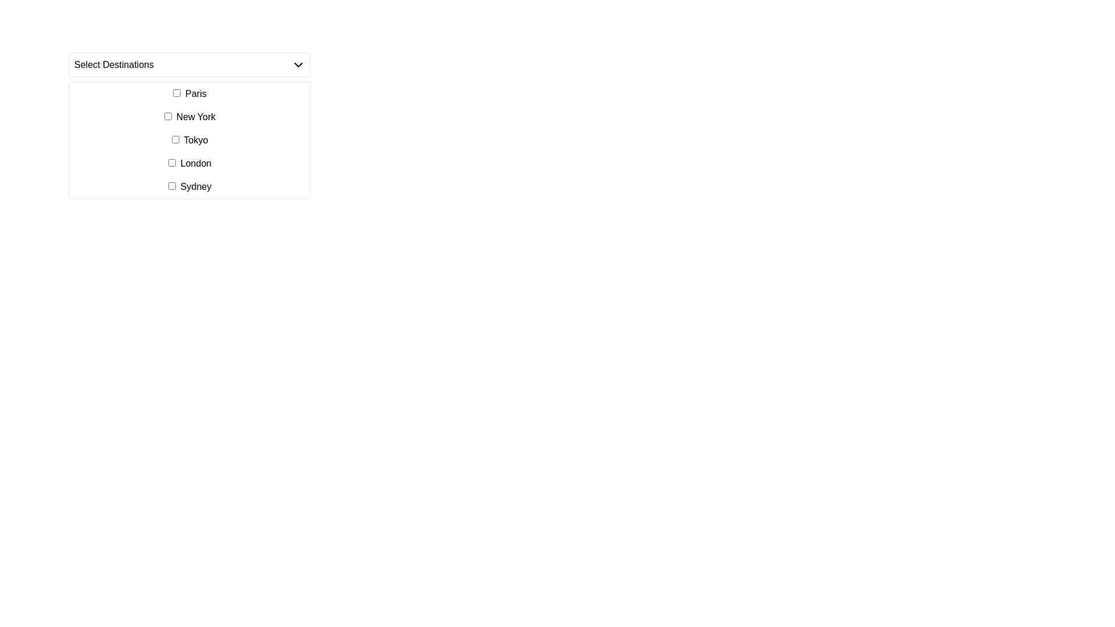 This screenshot has width=1115, height=627. Describe the element at coordinates (175, 139) in the screenshot. I see `the checkbox for the destination 'Tokyo', which is the third option in the list of destinations located beneath the text 'Select Destinations'` at that location.